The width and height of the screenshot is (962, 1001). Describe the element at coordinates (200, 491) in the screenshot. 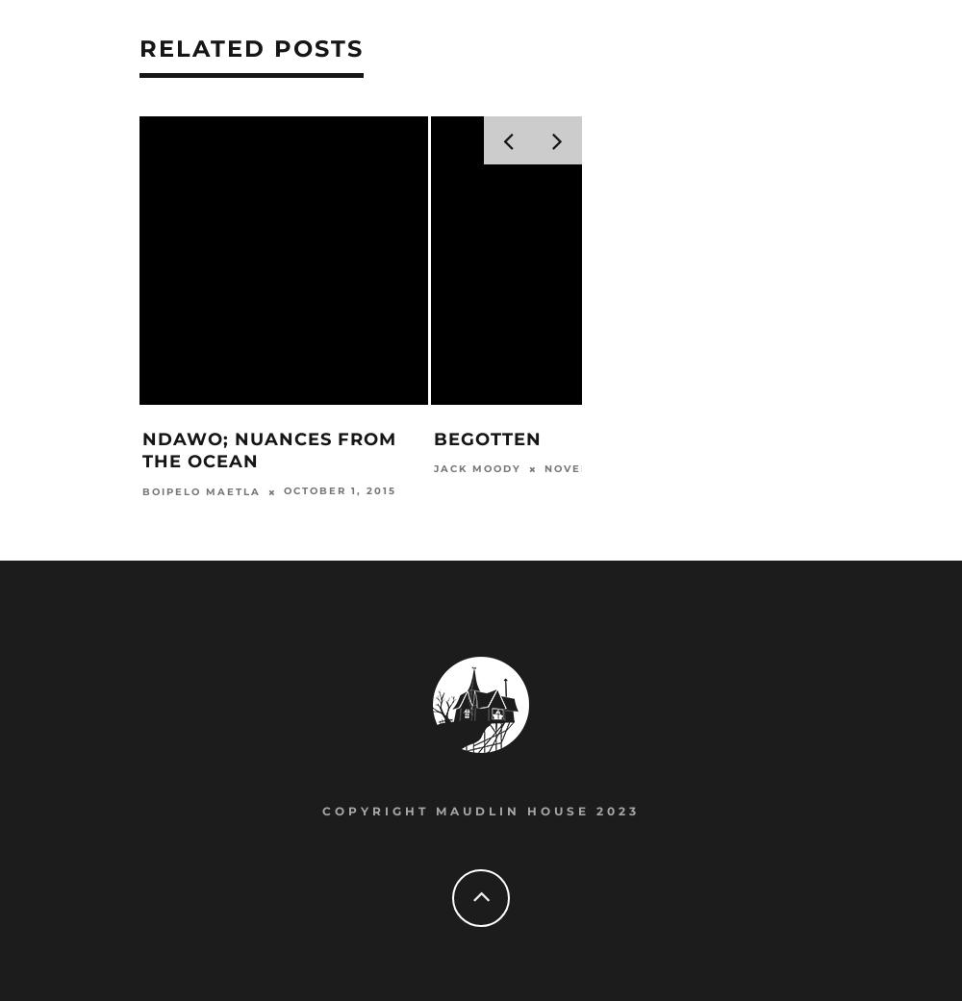

I see `'Boipelo Maetla'` at that location.